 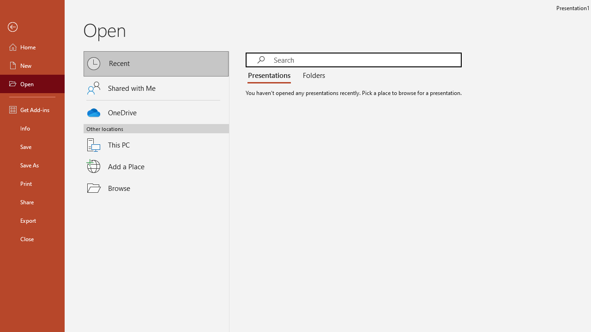 What do you see at coordinates (32, 27) in the screenshot?
I see `'Back'` at bounding box center [32, 27].